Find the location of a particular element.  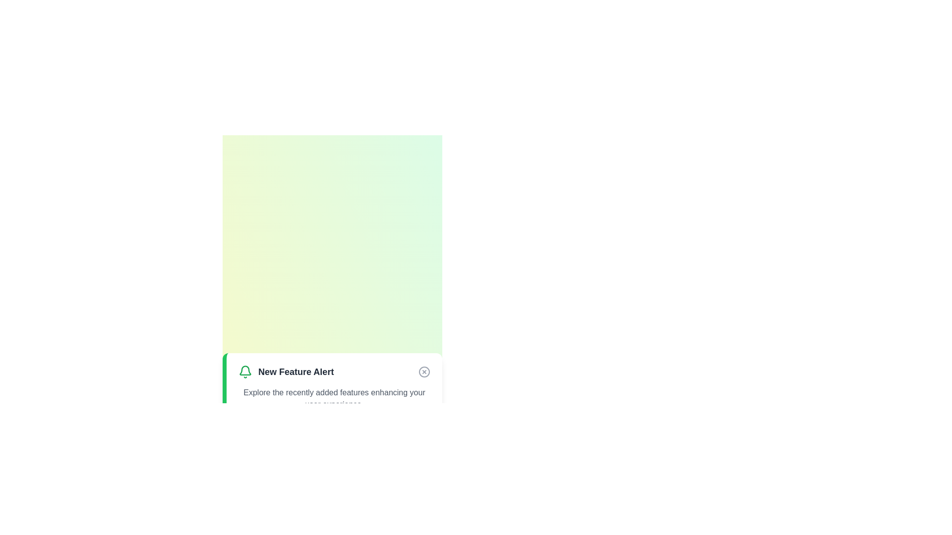

the circular close button element located in the top-right corner of the notification box is located at coordinates (424, 372).